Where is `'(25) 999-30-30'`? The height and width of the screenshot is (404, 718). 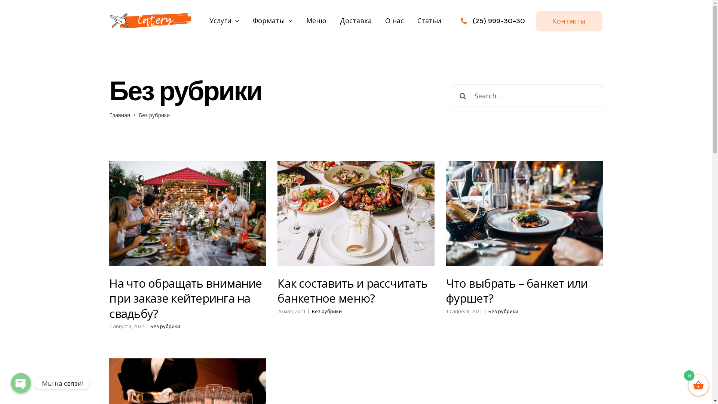 '(25) 999-30-30' is located at coordinates (499, 21).